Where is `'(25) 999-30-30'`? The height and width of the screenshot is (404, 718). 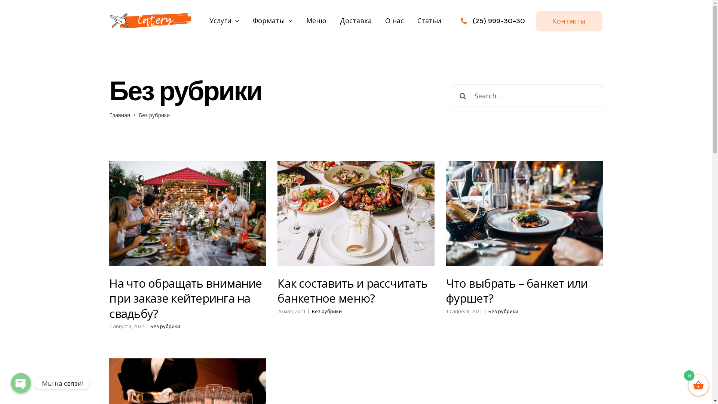 '(25) 999-30-30' is located at coordinates (499, 21).